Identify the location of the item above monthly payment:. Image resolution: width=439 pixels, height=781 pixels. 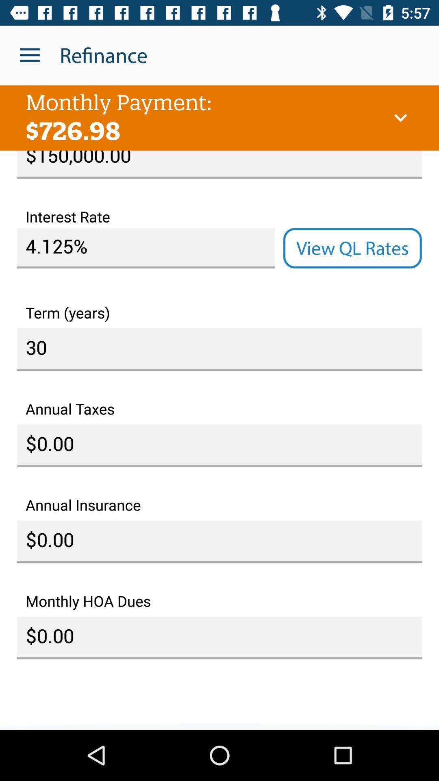
(29, 55).